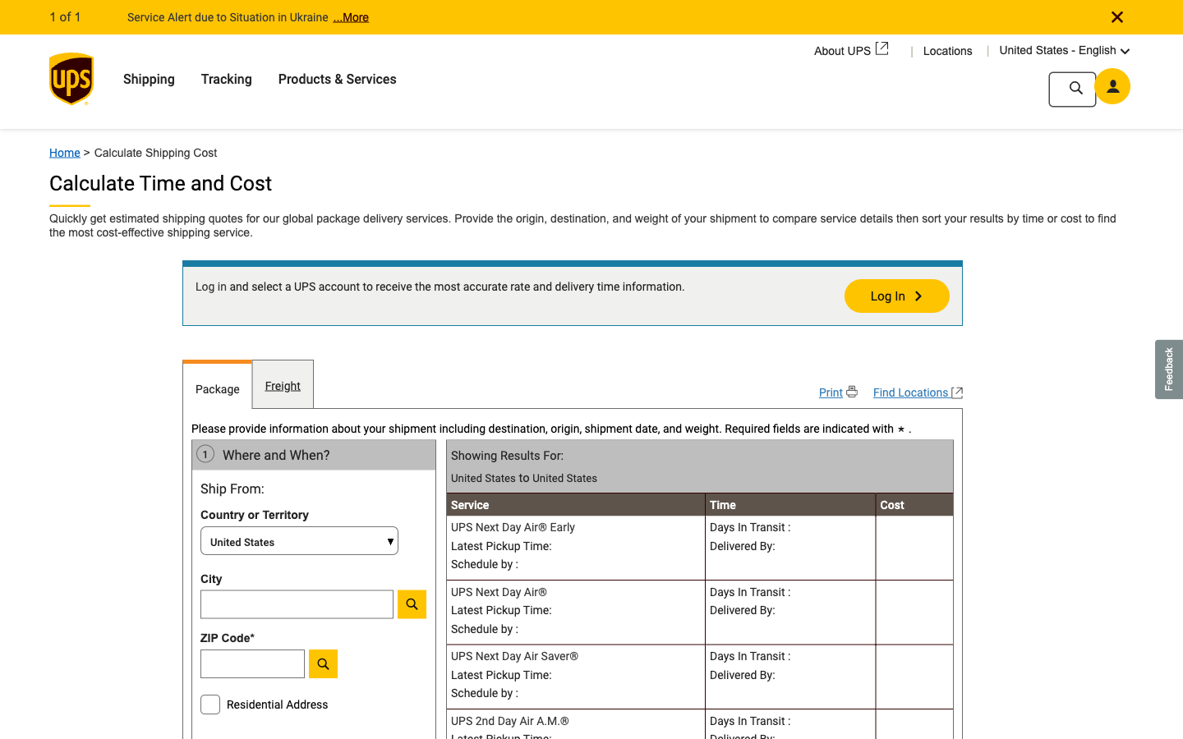  Describe the element at coordinates (71, 147) in the screenshot. I see `Go to Home page` at that location.